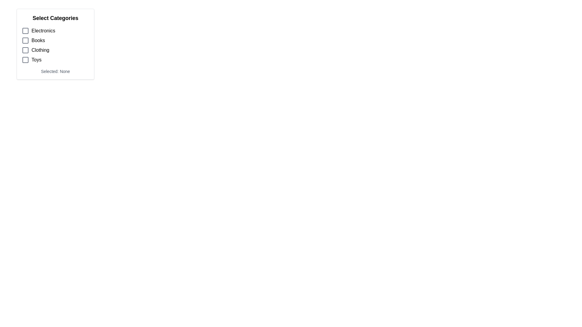 The width and height of the screenshot is (582, 327). Describe the element at coordinates (43, 31) in the screenshot. I see `the 'Electronics' text label, which is the first label in the vertical list under 'Select Categories' and is aligned with a checkbox icon on the left` at that location.